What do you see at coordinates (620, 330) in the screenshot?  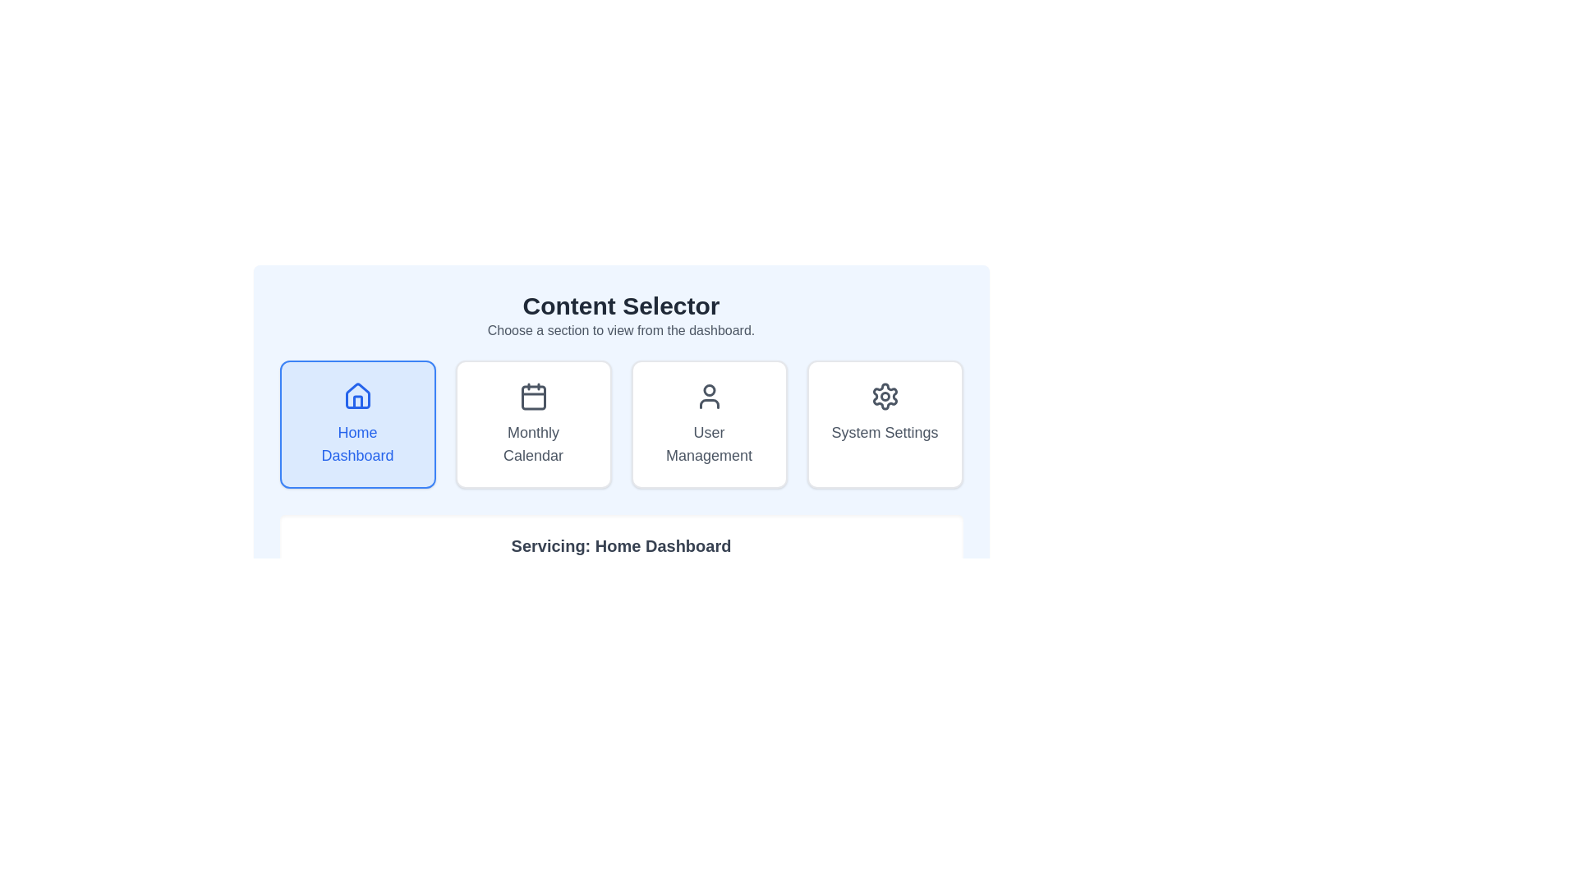 I see `the static text label that provides instructions below the 'Content Selector' heading, located at the center of the interface` at bounding box center [620, 330].